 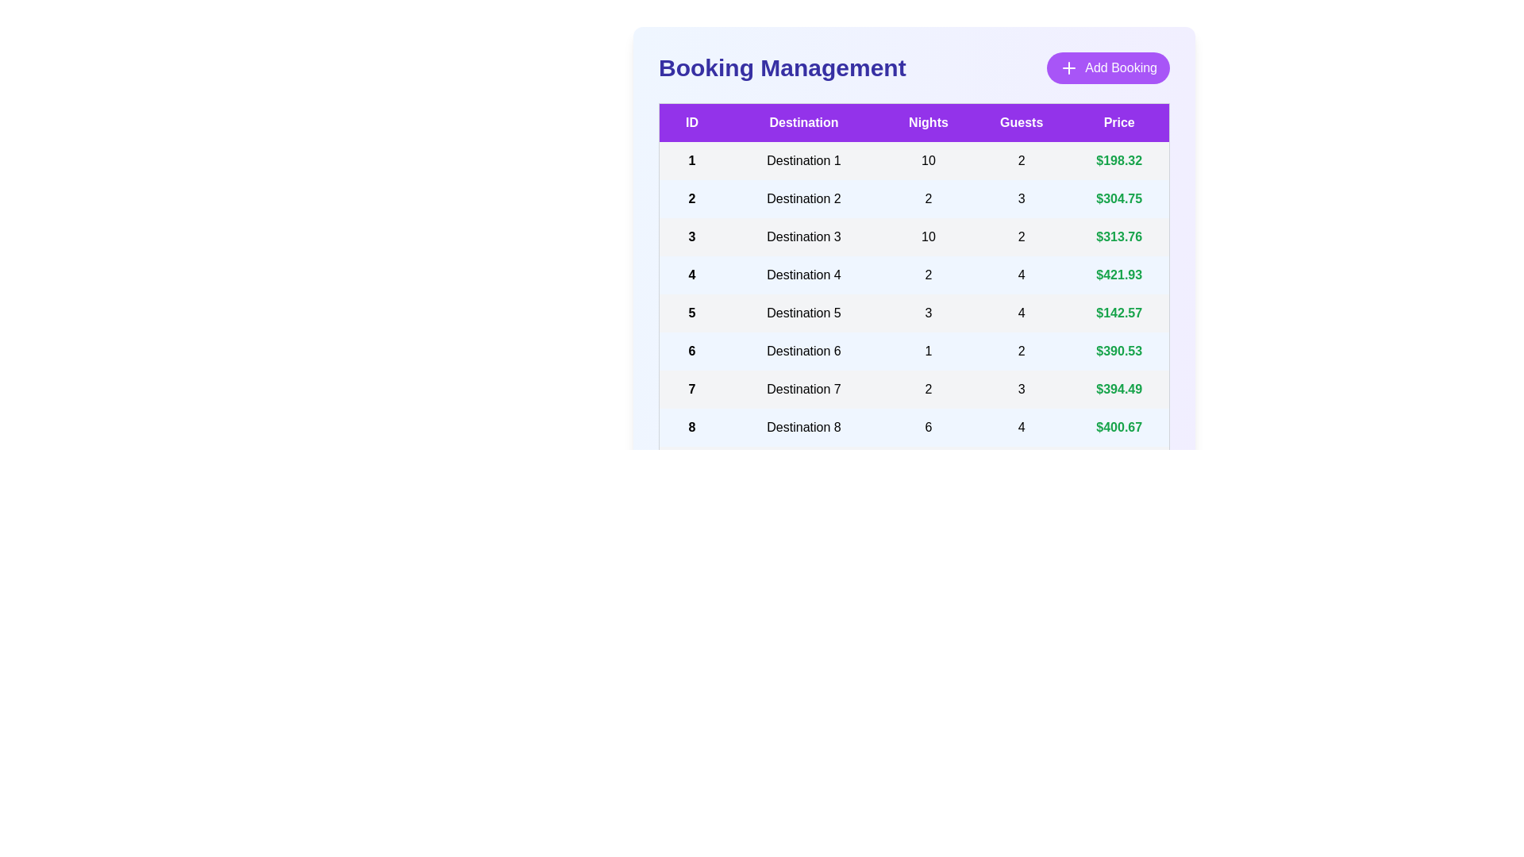 What do you see at coordinates (929, 121) in the screenshot?
I see `the column header Nights to sort the table by that column` at bounding box center [929, 121].